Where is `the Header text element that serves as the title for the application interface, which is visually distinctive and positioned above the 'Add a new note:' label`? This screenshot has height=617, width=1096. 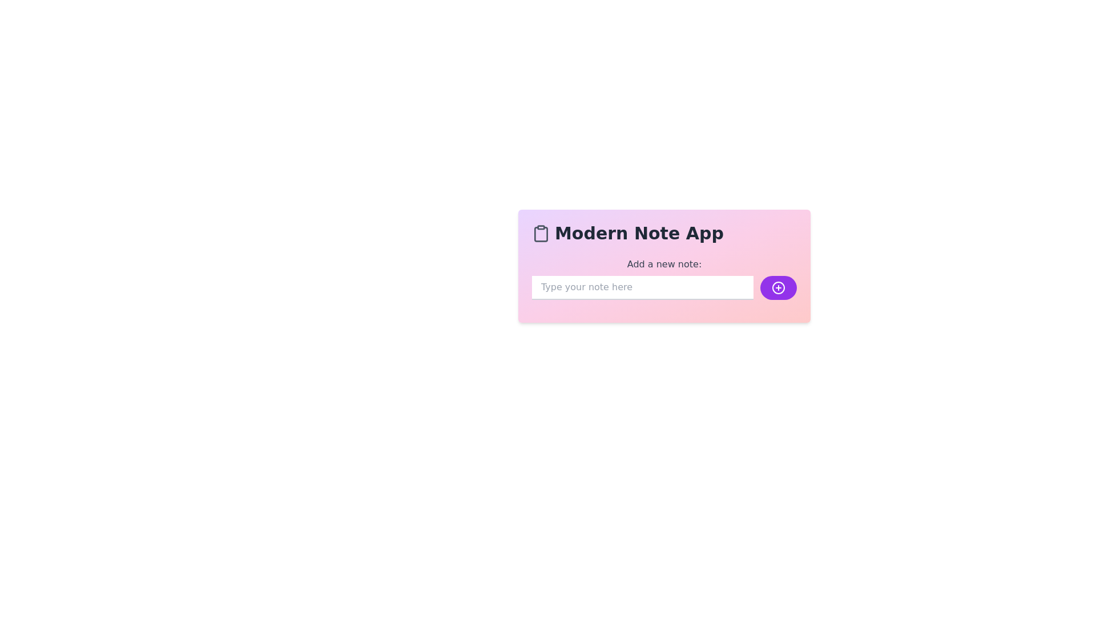
the Header text element that serves as the title for the application interface, which is visually distinctive and positioned above the 'Add a new note:' label is located at coordinates (664, 233).